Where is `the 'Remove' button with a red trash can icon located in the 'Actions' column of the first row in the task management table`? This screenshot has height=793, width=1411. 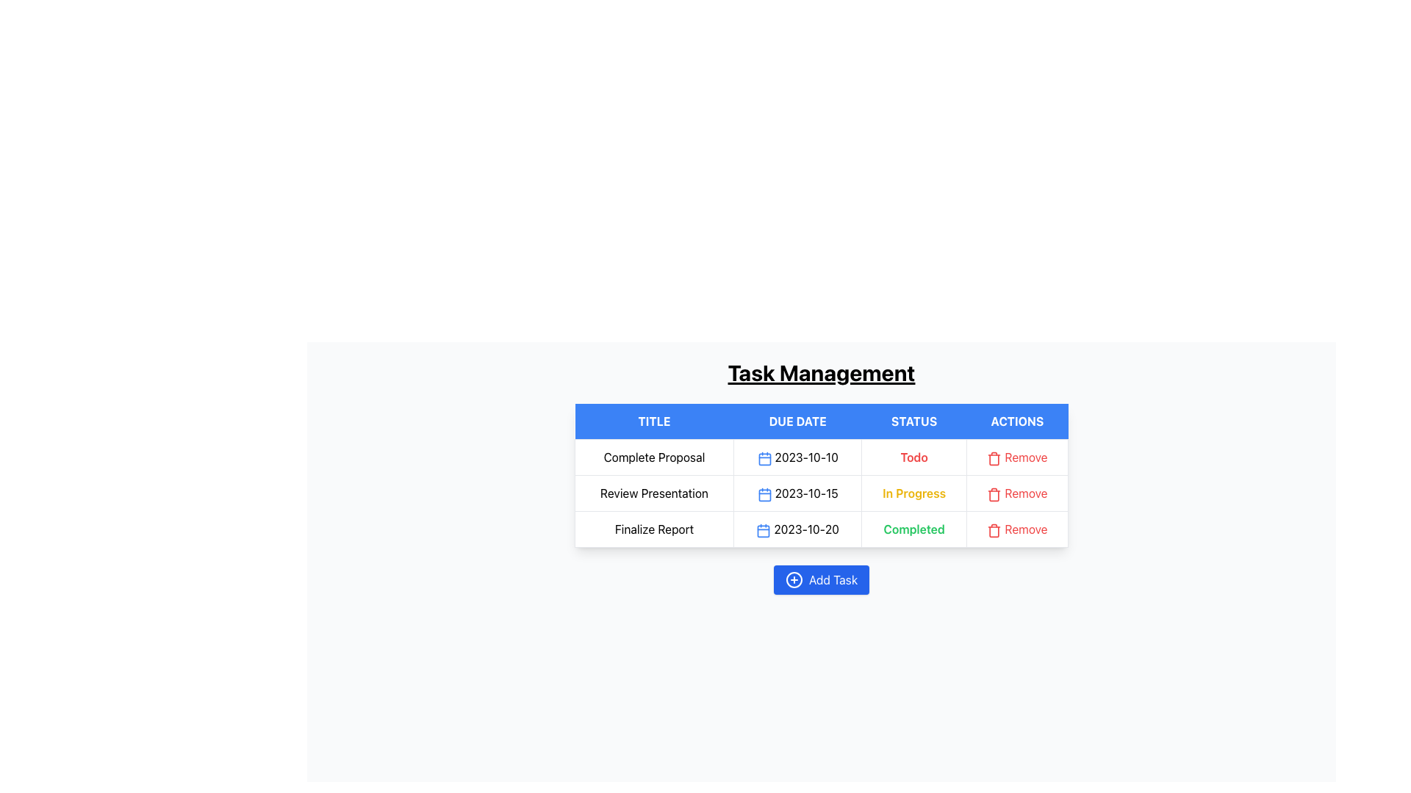 the 'Remove' button with a red trash can icon located in the 'Actions' column of the first row in the task management table is located at coordinates (1016, 457).